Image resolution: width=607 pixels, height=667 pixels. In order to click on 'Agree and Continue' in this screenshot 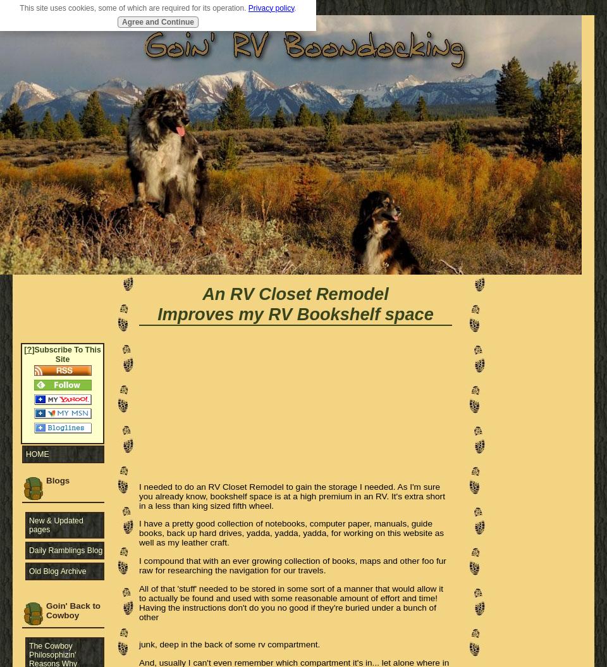, I will do `click(157, 22)`.